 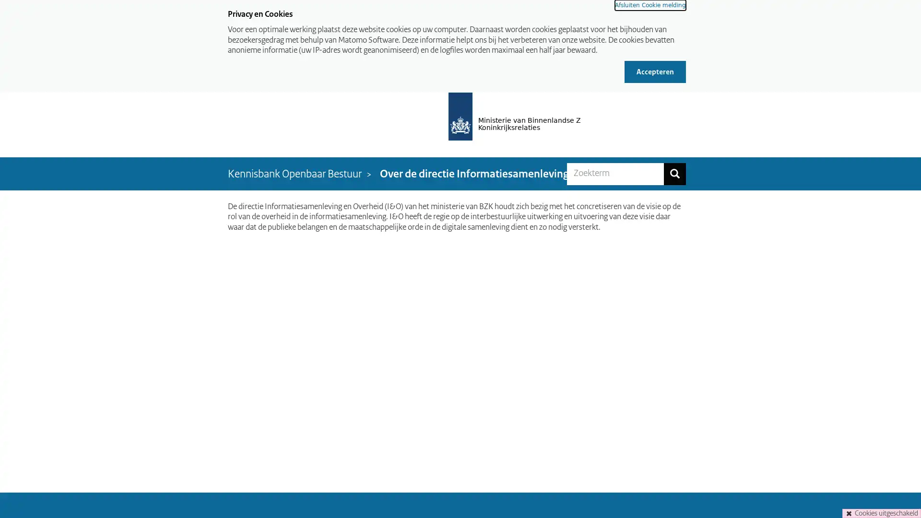 I want to click on Accepteren, so click(x=655, y=71).